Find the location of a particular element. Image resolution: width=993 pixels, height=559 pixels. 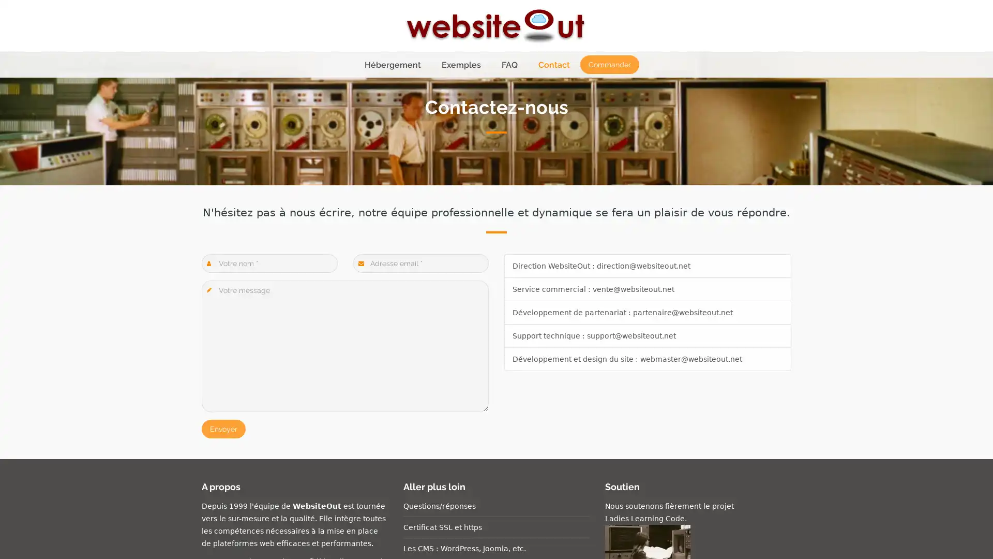

Commander is located at coordinates (609, 64).